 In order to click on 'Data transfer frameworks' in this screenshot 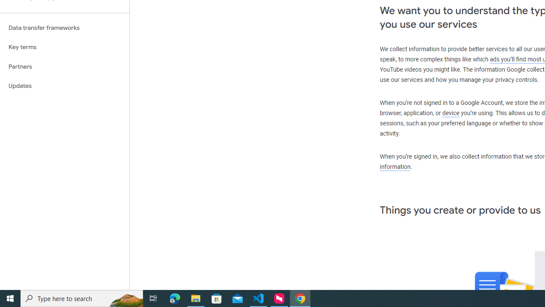, I will do `click(64, 27)`.